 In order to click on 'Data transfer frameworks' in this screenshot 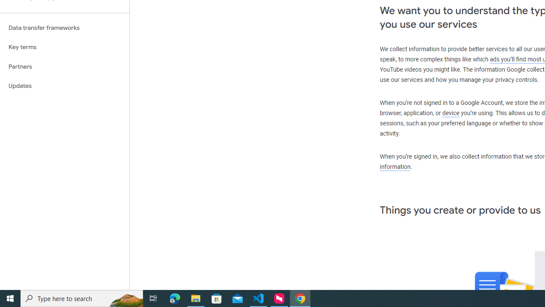, I will do `click(64, 27)`.